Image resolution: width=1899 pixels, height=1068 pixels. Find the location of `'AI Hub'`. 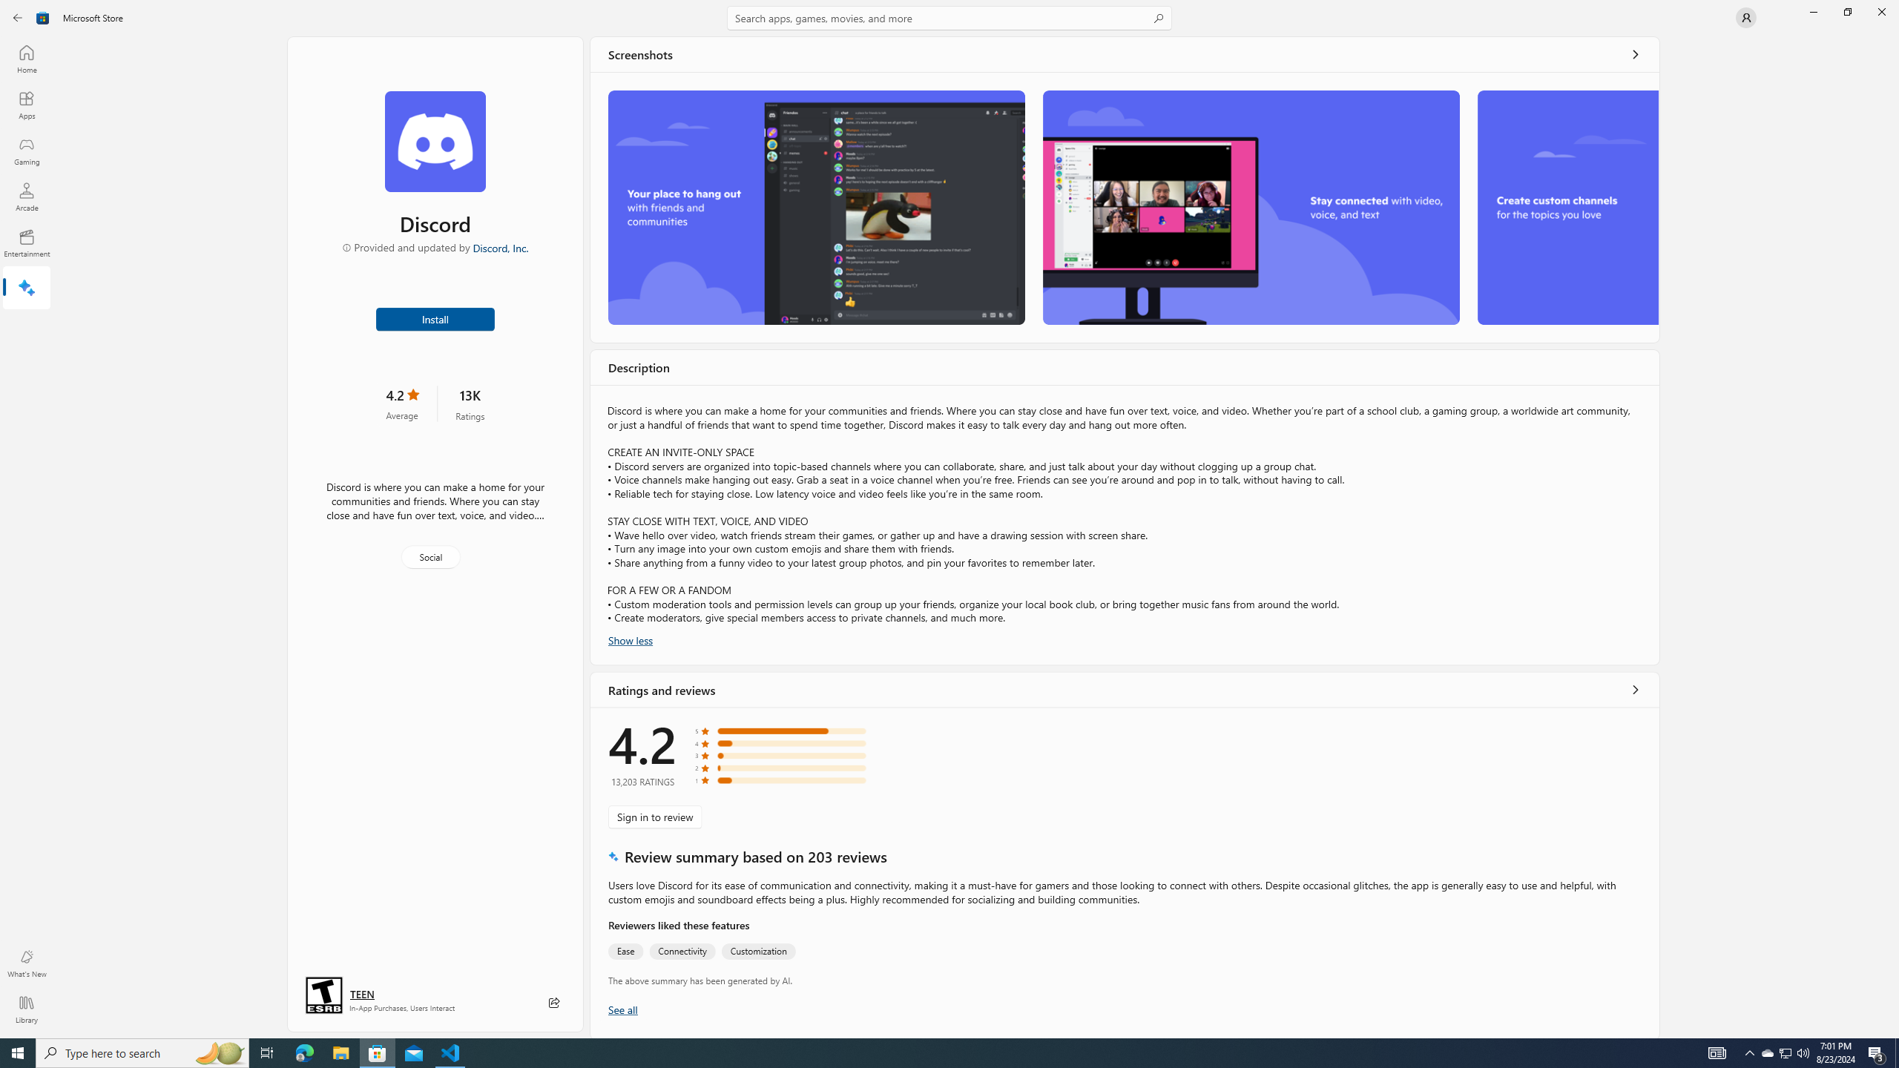

'AI Hub' is located at coordinates (25, 288).